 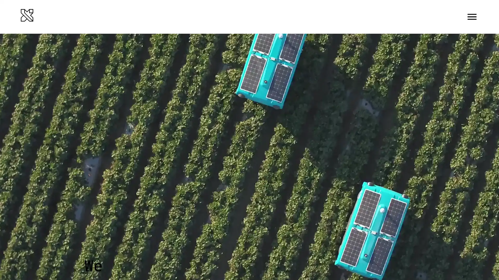 I want to click on A new chapter for Glass The Glass Explorer program evolves into Glass Enterprise Edition when the team learns that workers in fields such as manufacturing, logistics, and healthcare find wearable devices highly useful for getting the information they need while their hands are busy., so click(x=263, y=88).